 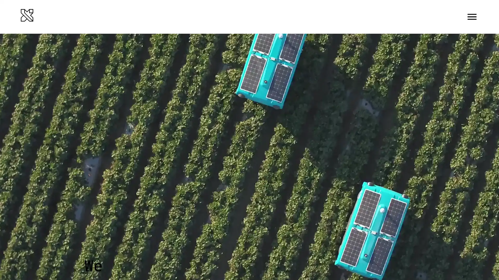 I want to click on A new chapter for Glass The Glass Explorer program evolves into Glass Enterprise Edition when the team learns that workers in fields such as manufacturing, logistics, and healthcare find wearable devices highly useful for getting the information they need while their hands are busy., so click(x=263, y=88).